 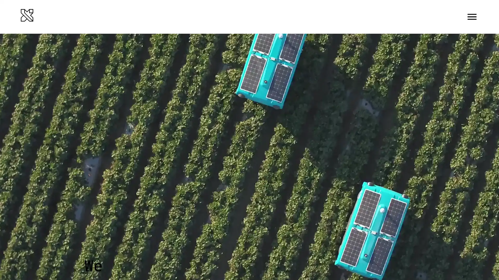 I want to click on A new chapter for Glass The Glass Explorer program evolves into Glass Enterprise Edition when the team learns that workers in fields such as manufacturing, logistics, and healthcare find wearable devices highly useful for getting the information they need while their hands are busy., so click(x=263, y=88).